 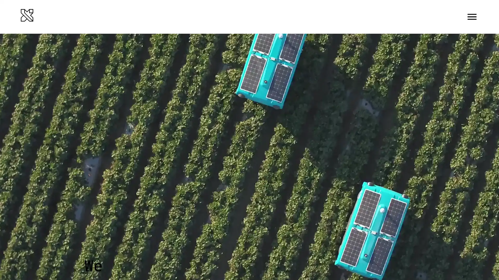 I want to click on A new chapter for Glass The Glass Explorer program evolves into Glass Enterprise Edition when the team learns that workers in fields such as manufacturing, logistics, and healthcare find wearable devices highly useful for getting the information they need while their hands are busy., so click(x=263, y=88).